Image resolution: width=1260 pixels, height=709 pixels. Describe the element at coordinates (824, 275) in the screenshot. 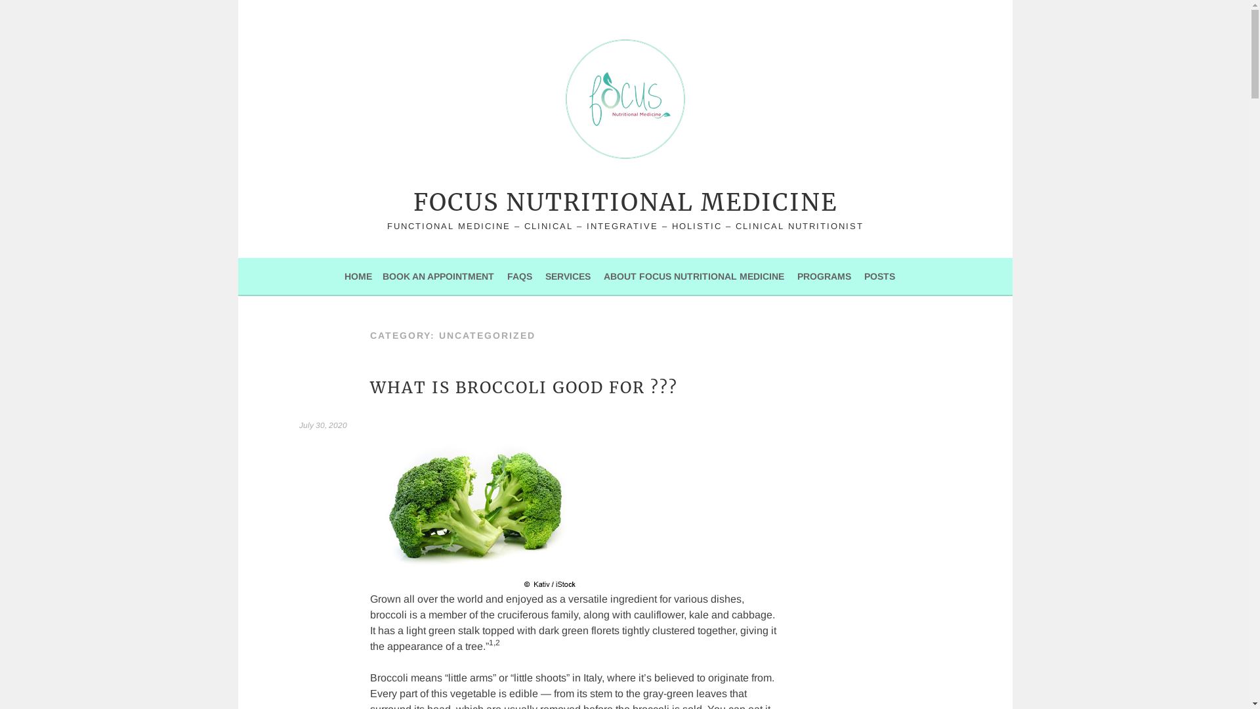

I see `'PROGRAMS'` at that location.